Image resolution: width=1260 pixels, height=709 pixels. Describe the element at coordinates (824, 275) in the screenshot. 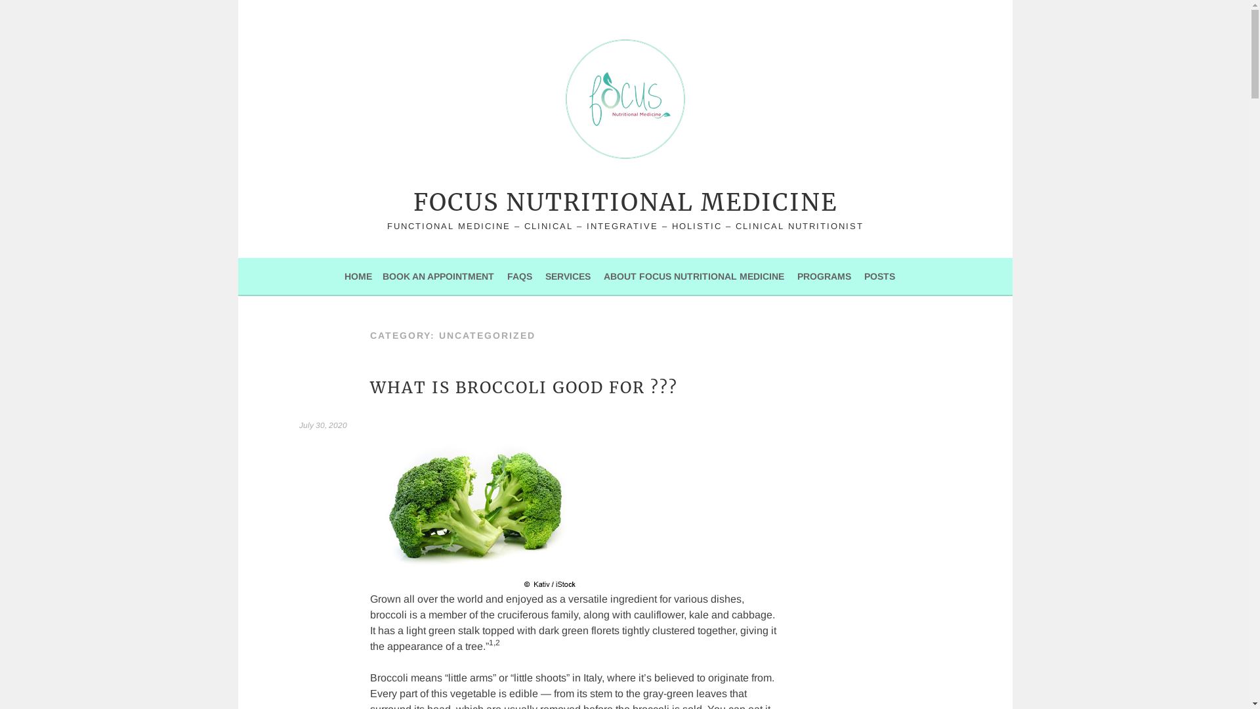

I see `'PROGRAMS'` at that location.